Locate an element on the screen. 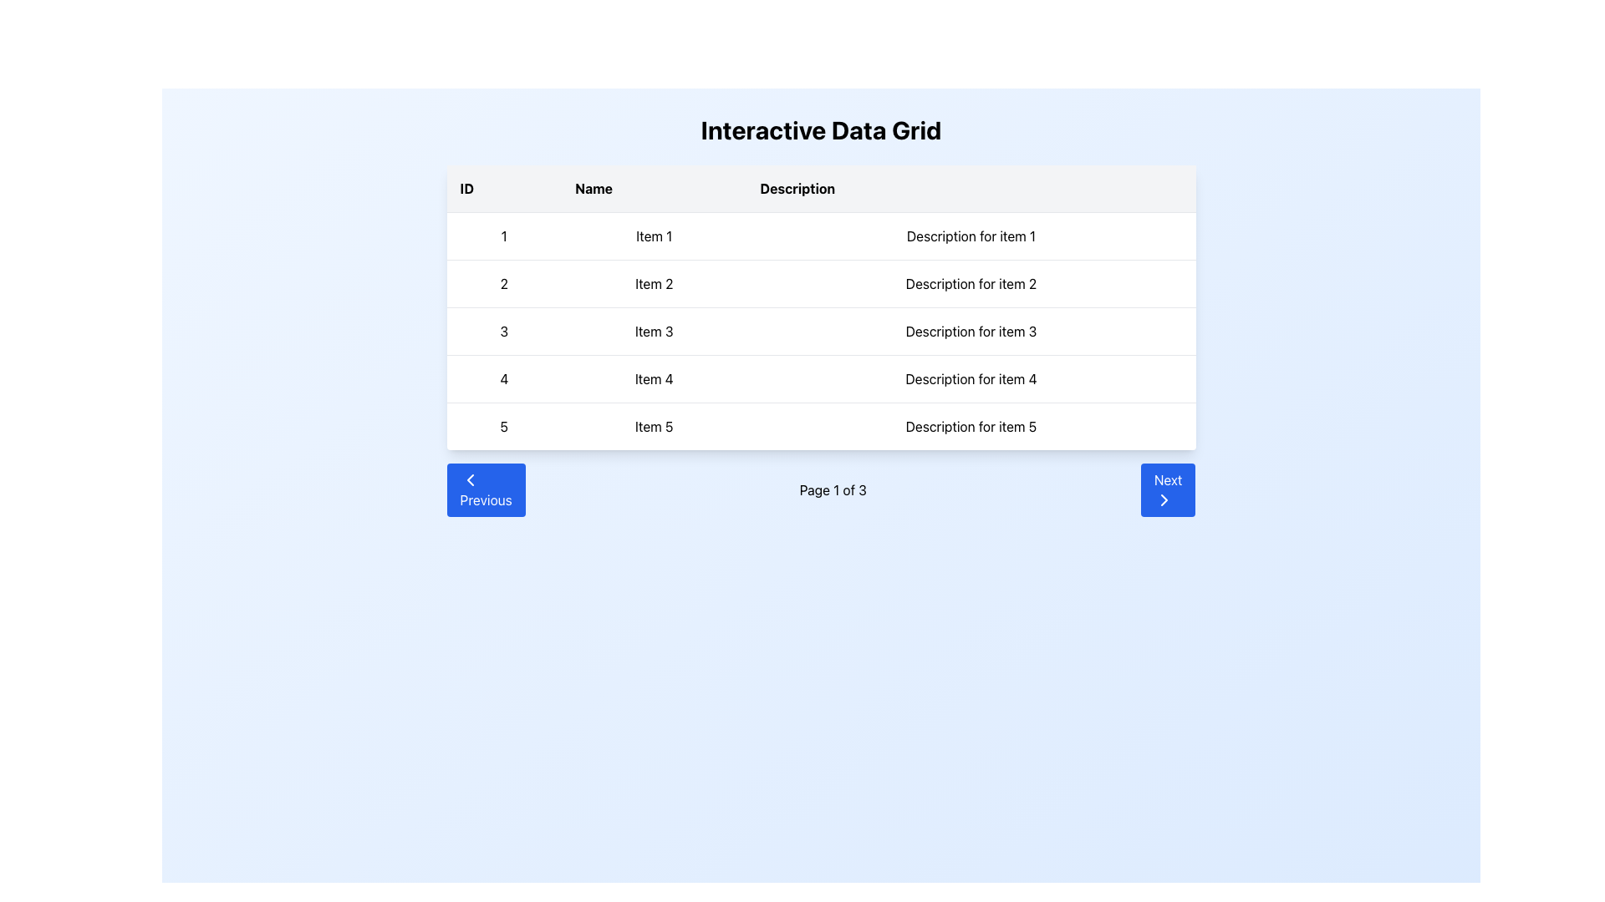  the fourth row of the data grid displaying '4', 'Item 4', and 'Description for item 4' is located at coordinates (821, 379).